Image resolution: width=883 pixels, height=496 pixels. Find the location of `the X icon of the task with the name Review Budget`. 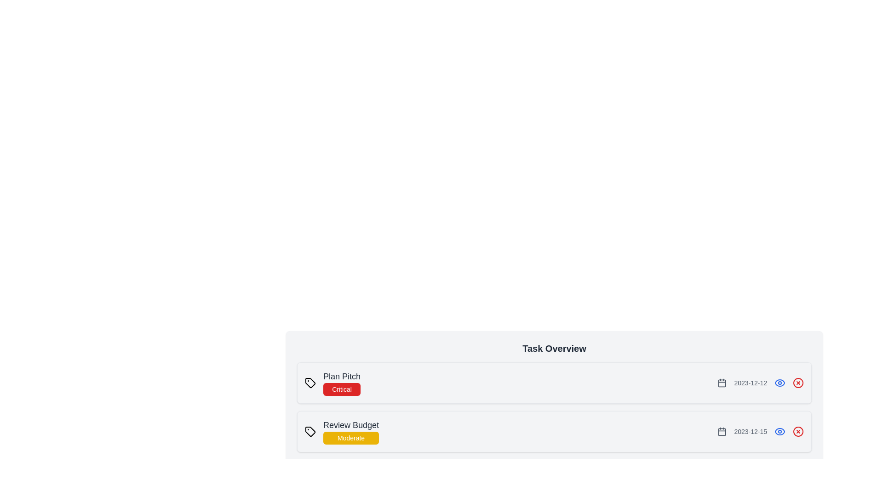

the X icon of the task with the name Review Budget is located at coordinates (798, 432).